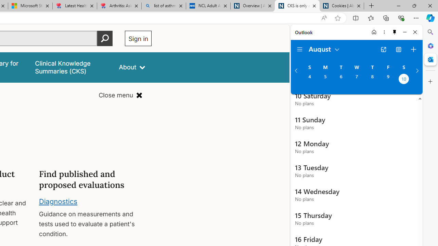 This screenshot has height=246, width=438. I want to click on 'Folder navigation', so click(300, 49).